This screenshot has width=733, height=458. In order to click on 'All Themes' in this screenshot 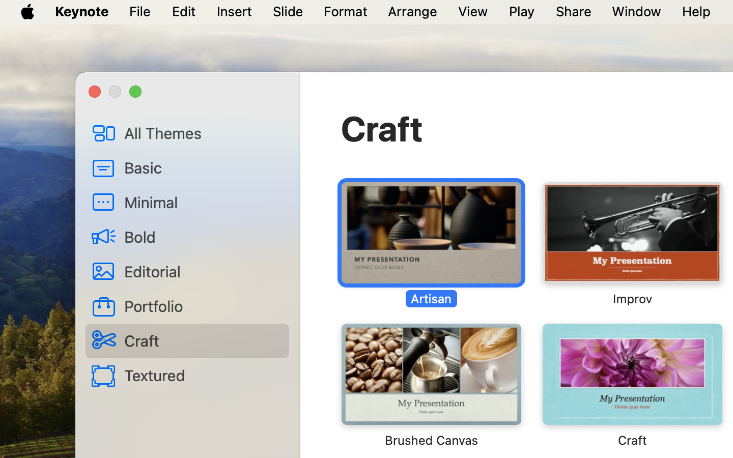, I will do `click(202, 132)`.